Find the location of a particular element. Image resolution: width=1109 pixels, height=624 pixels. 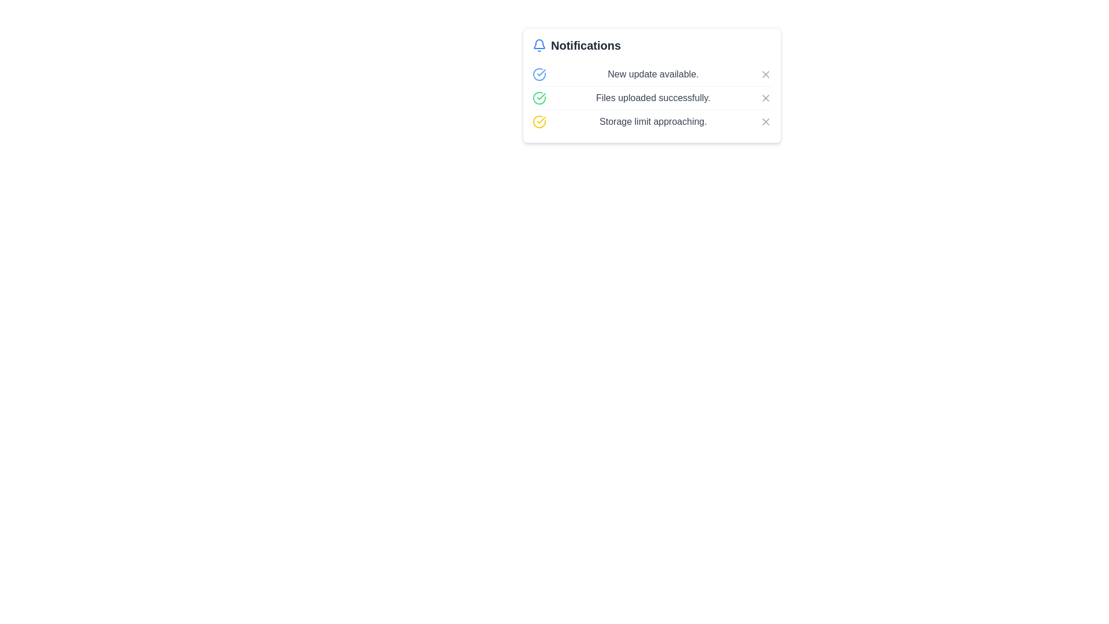

the small close button represented by an 'X' icon, located next to the 'New update available.' message in the notifications list is located at coordinates (765, 74).